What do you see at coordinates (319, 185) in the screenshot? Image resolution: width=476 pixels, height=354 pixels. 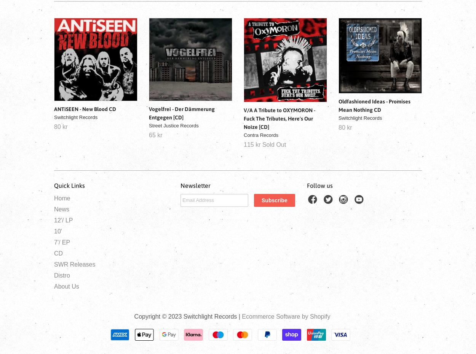 I see `'Follow us'` at bounding box center [319, 185].